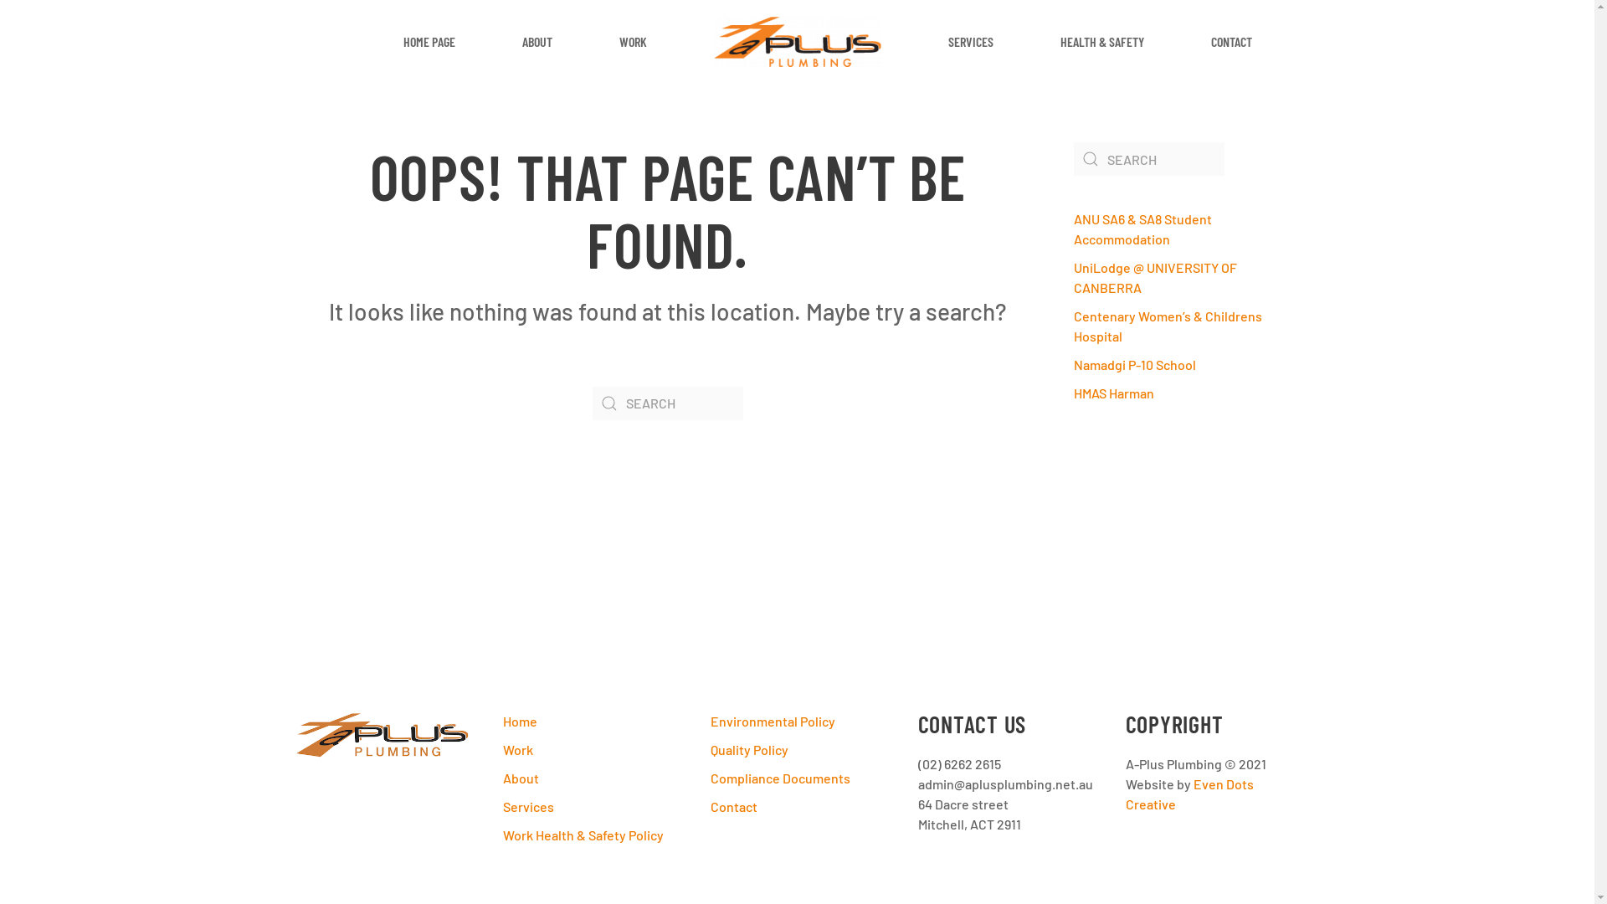 The height and width of the screenshot is (904, 1607). I want to click on 'HMAS Harman', so click(1112, 393).